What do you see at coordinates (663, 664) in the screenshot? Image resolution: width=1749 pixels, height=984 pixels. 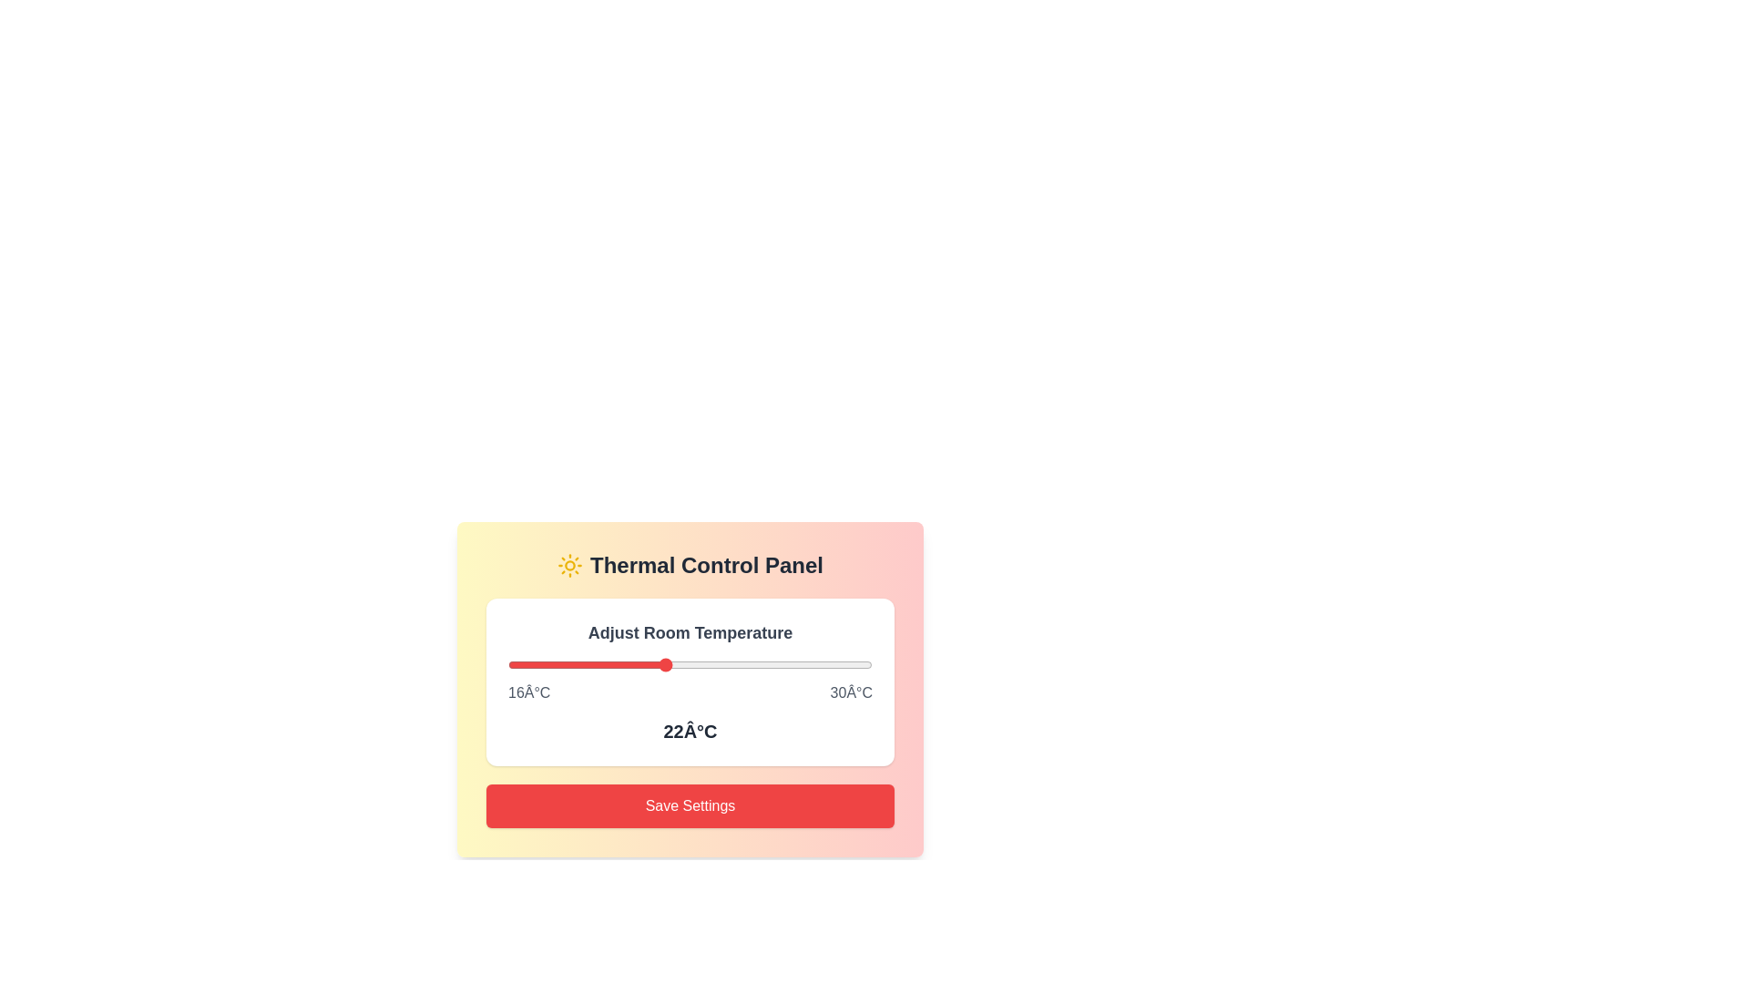 I see `the temperature slider to 22°C` at bounding box center [663, 664].